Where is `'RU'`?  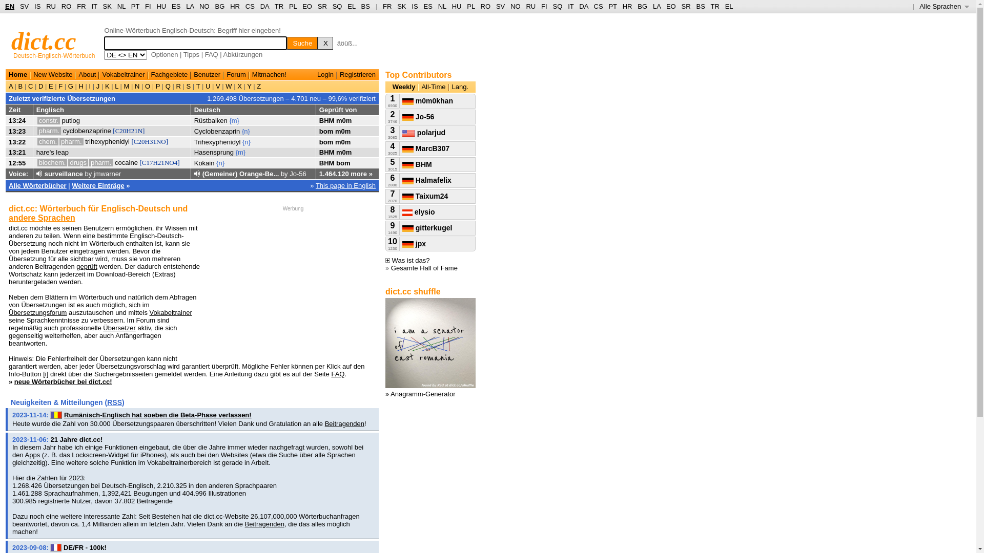 'RU' is located at coordinates (530, 6).